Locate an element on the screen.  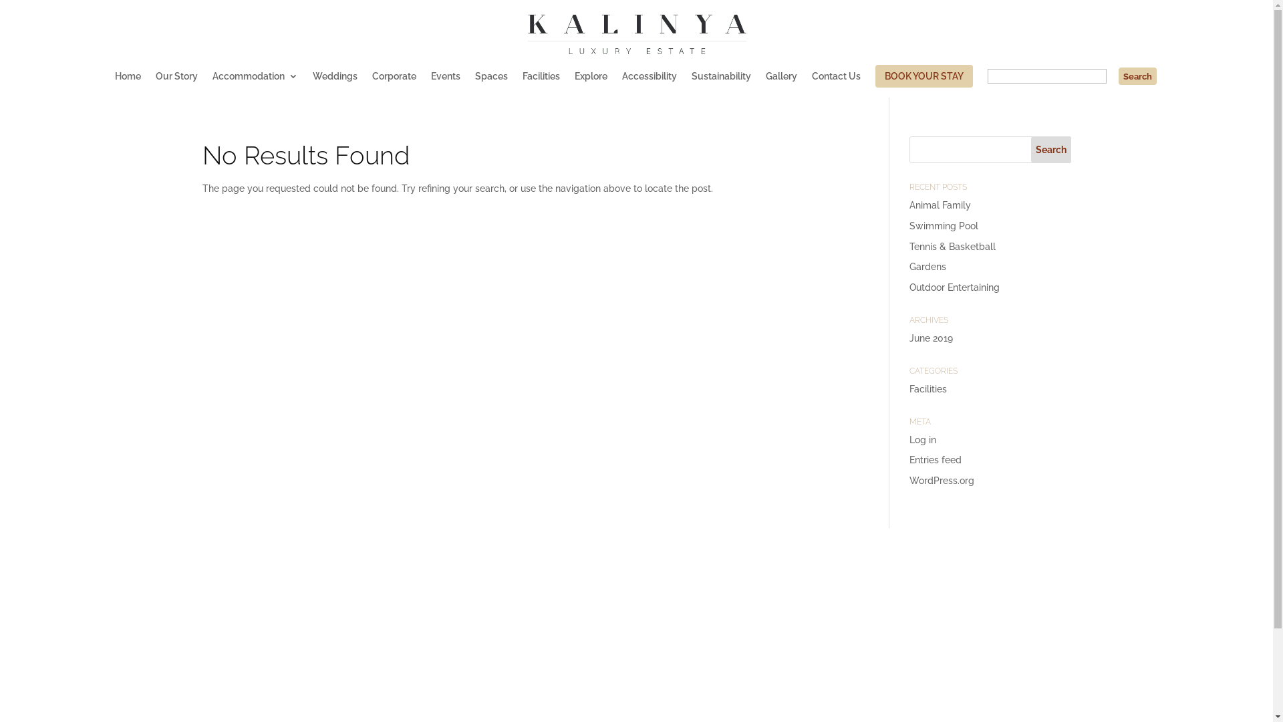
'Entries feed' is located at coordinates (935, 459).